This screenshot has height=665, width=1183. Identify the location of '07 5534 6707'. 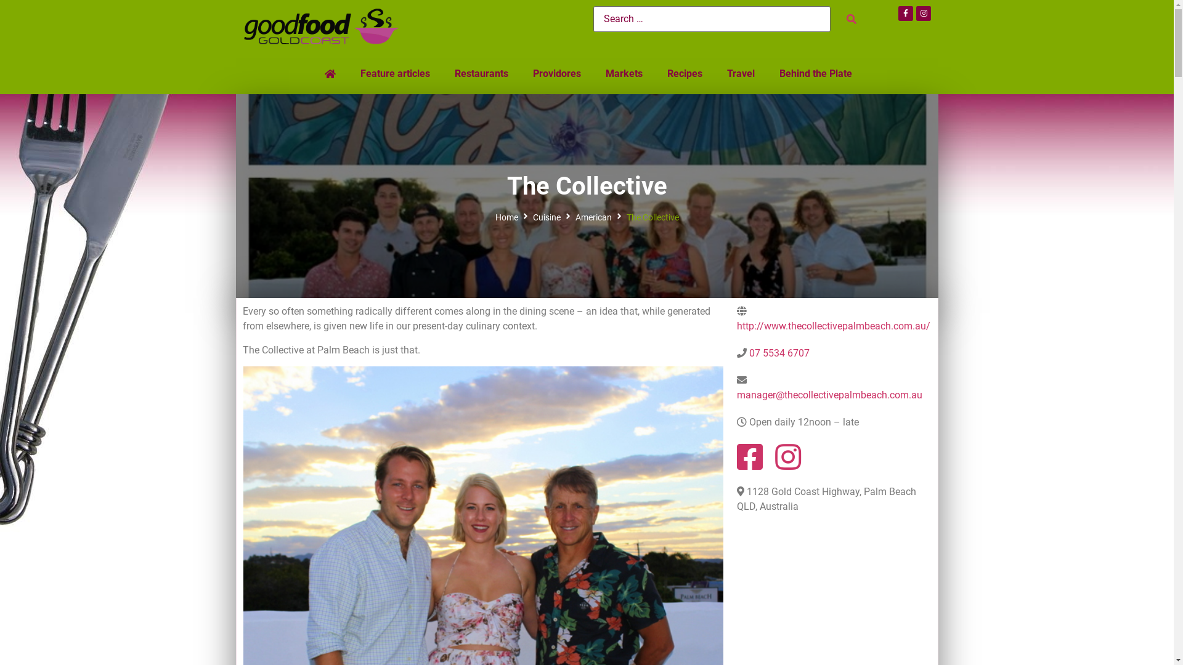
(779, 353).